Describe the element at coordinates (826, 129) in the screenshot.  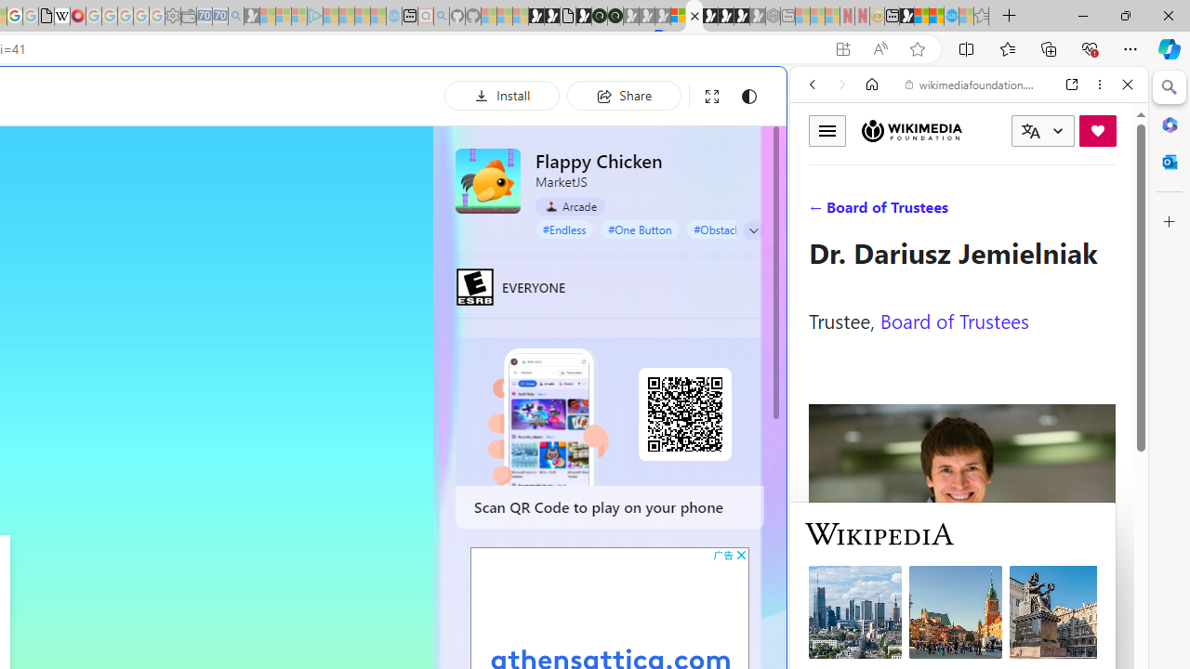
I see `'Toggle menu'` at that location.